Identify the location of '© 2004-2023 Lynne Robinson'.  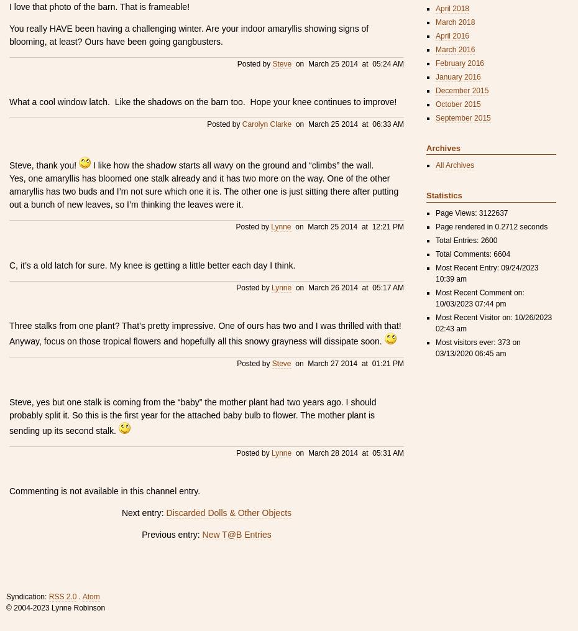
(6, 607).